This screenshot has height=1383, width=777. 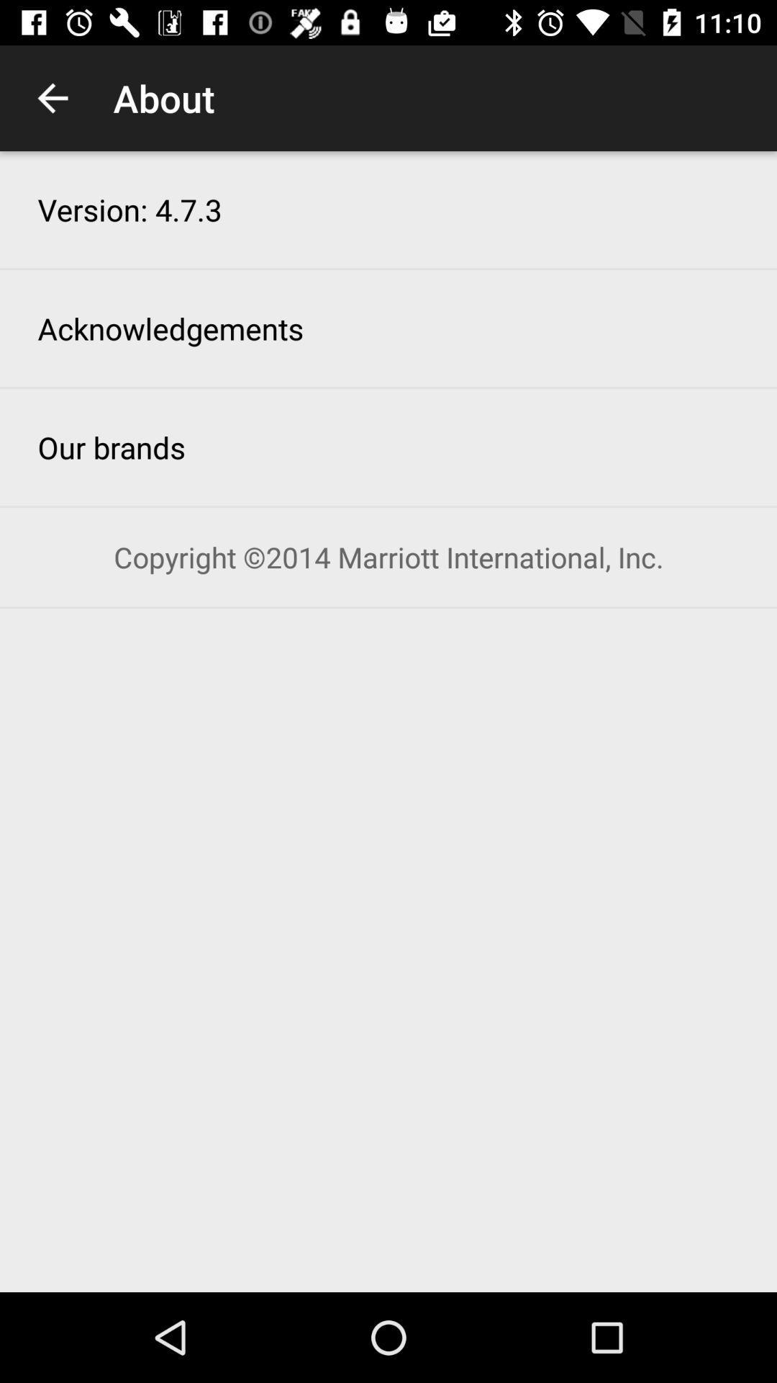 What do you see at coordinates (388, 556) in the screenshot?
I see `copyright 2014 marriott at the center` at bounding box center [388, 556].